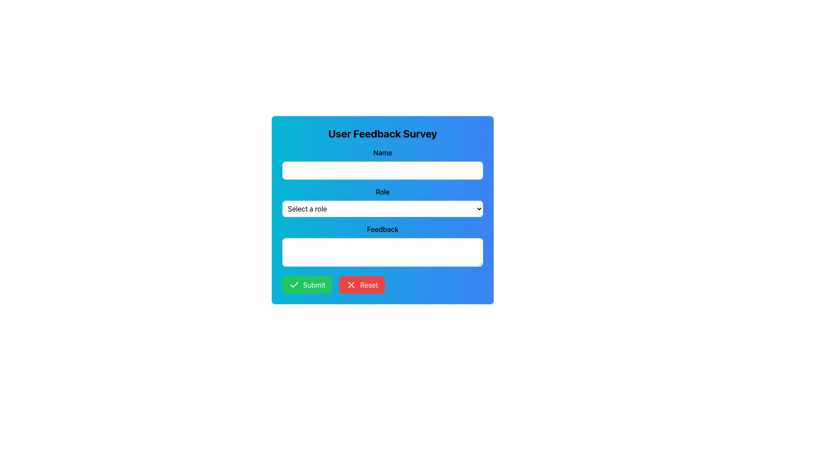 The height and width of the screenshot is (470, 835). What do you see at coordinates (382, 229) in the screenshot?
I see `the Text Label that serves as a context for the input field below it, located in the lower half of the user feedback survey section` at bounding box center [382, 229].